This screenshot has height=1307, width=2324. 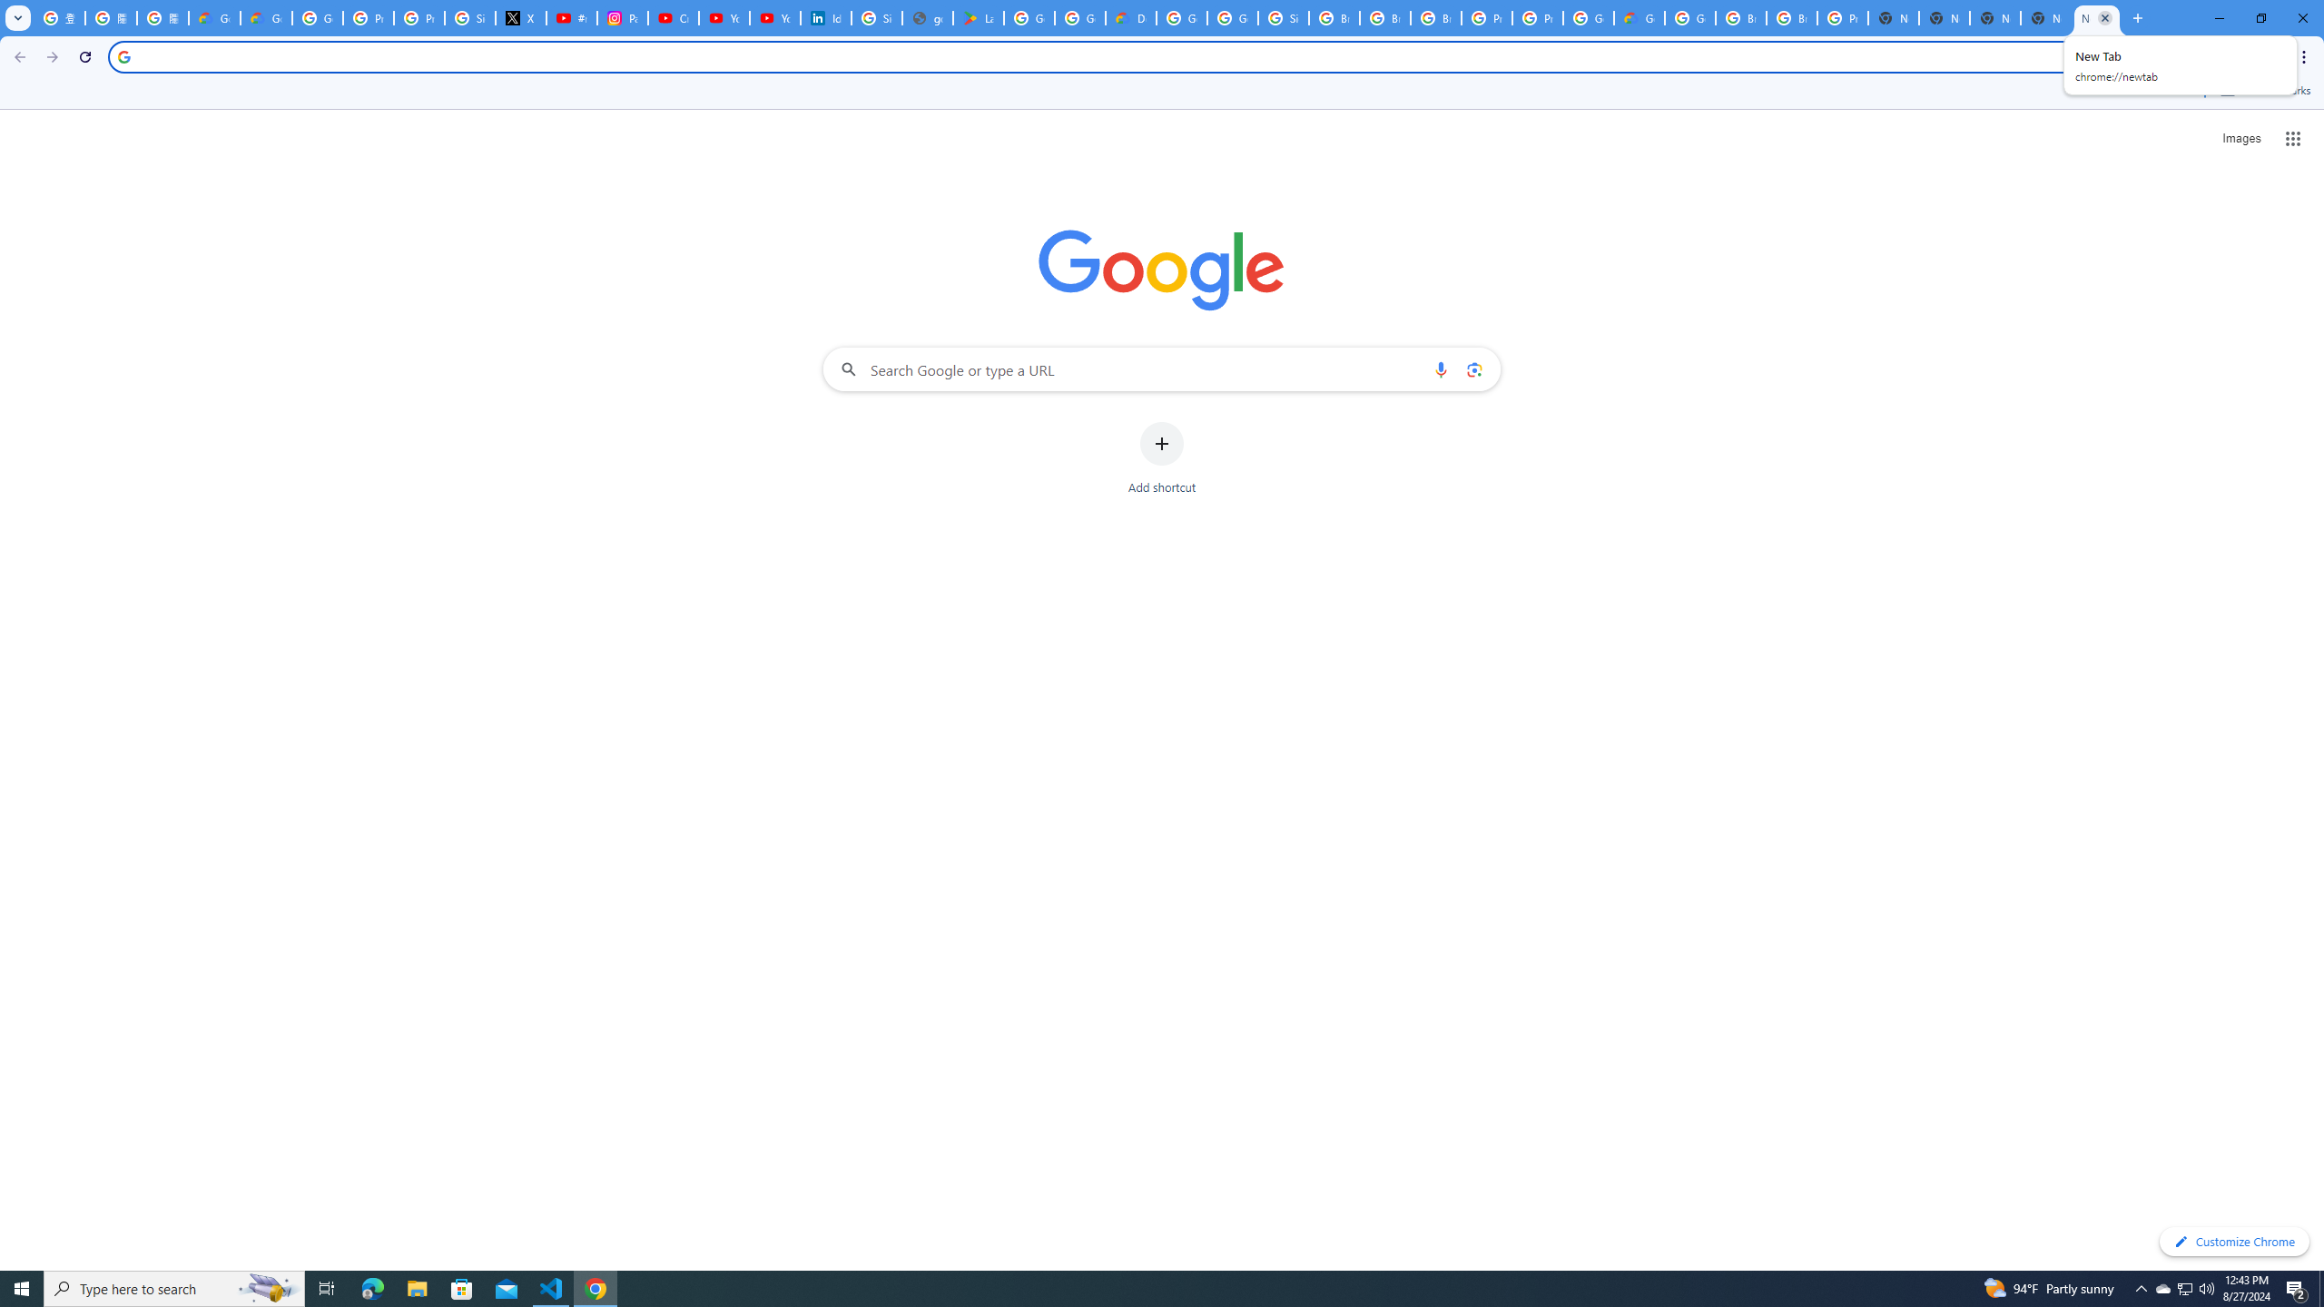 What do you see at coordinates (1639, 17) in the screenshot?
I see `'Google Cloud Estimate Summary'` at bounding box center [1639, 17].